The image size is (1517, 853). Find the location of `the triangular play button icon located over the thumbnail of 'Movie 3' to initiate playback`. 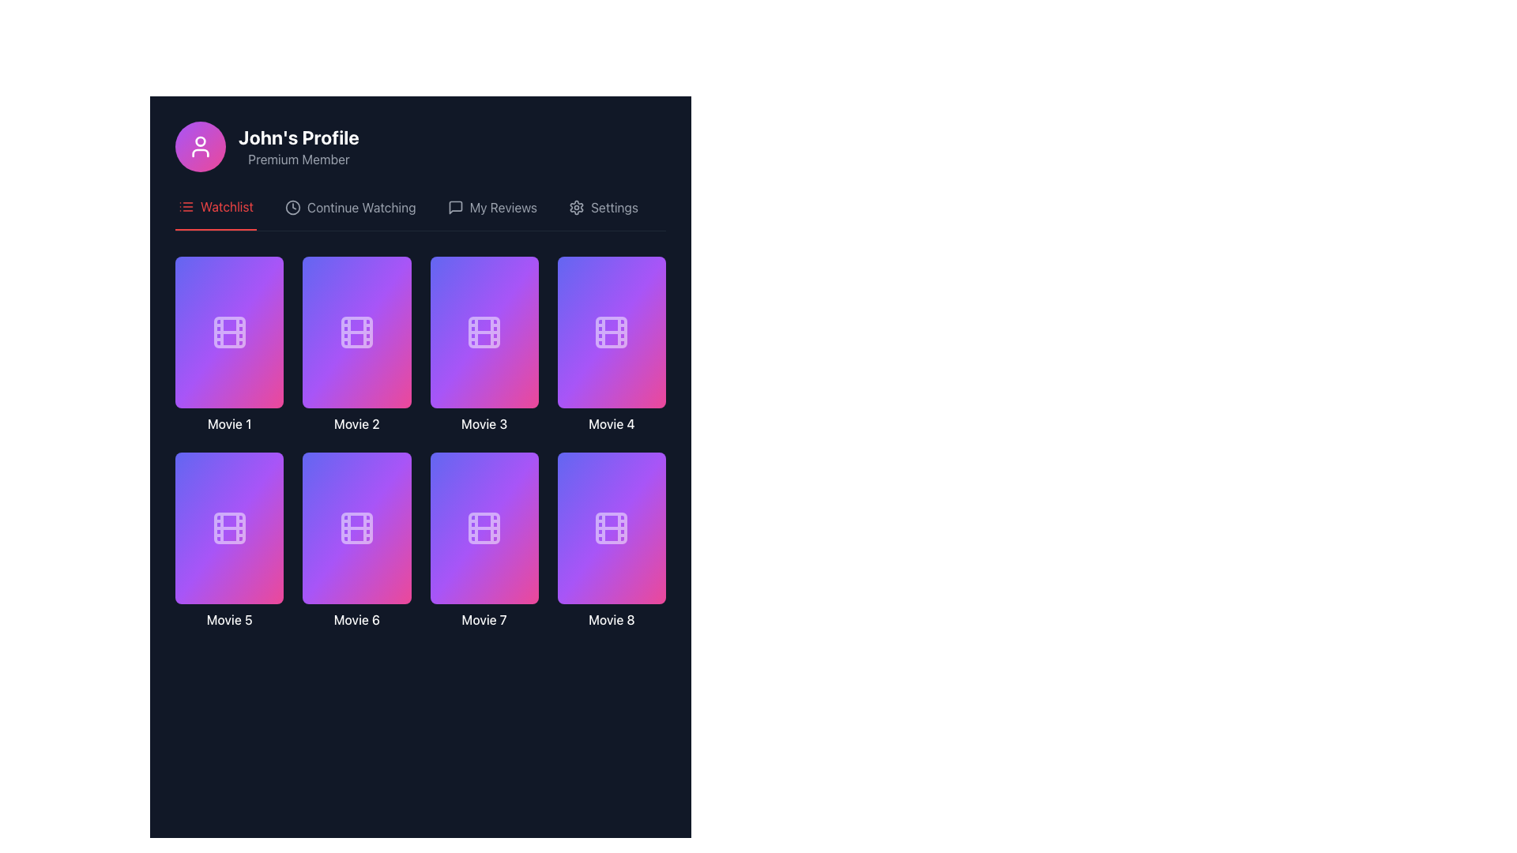

the triangular play button icon located over the thumbnail of 'Movie 3' to initiate playback is located at coordinates (484, 324).